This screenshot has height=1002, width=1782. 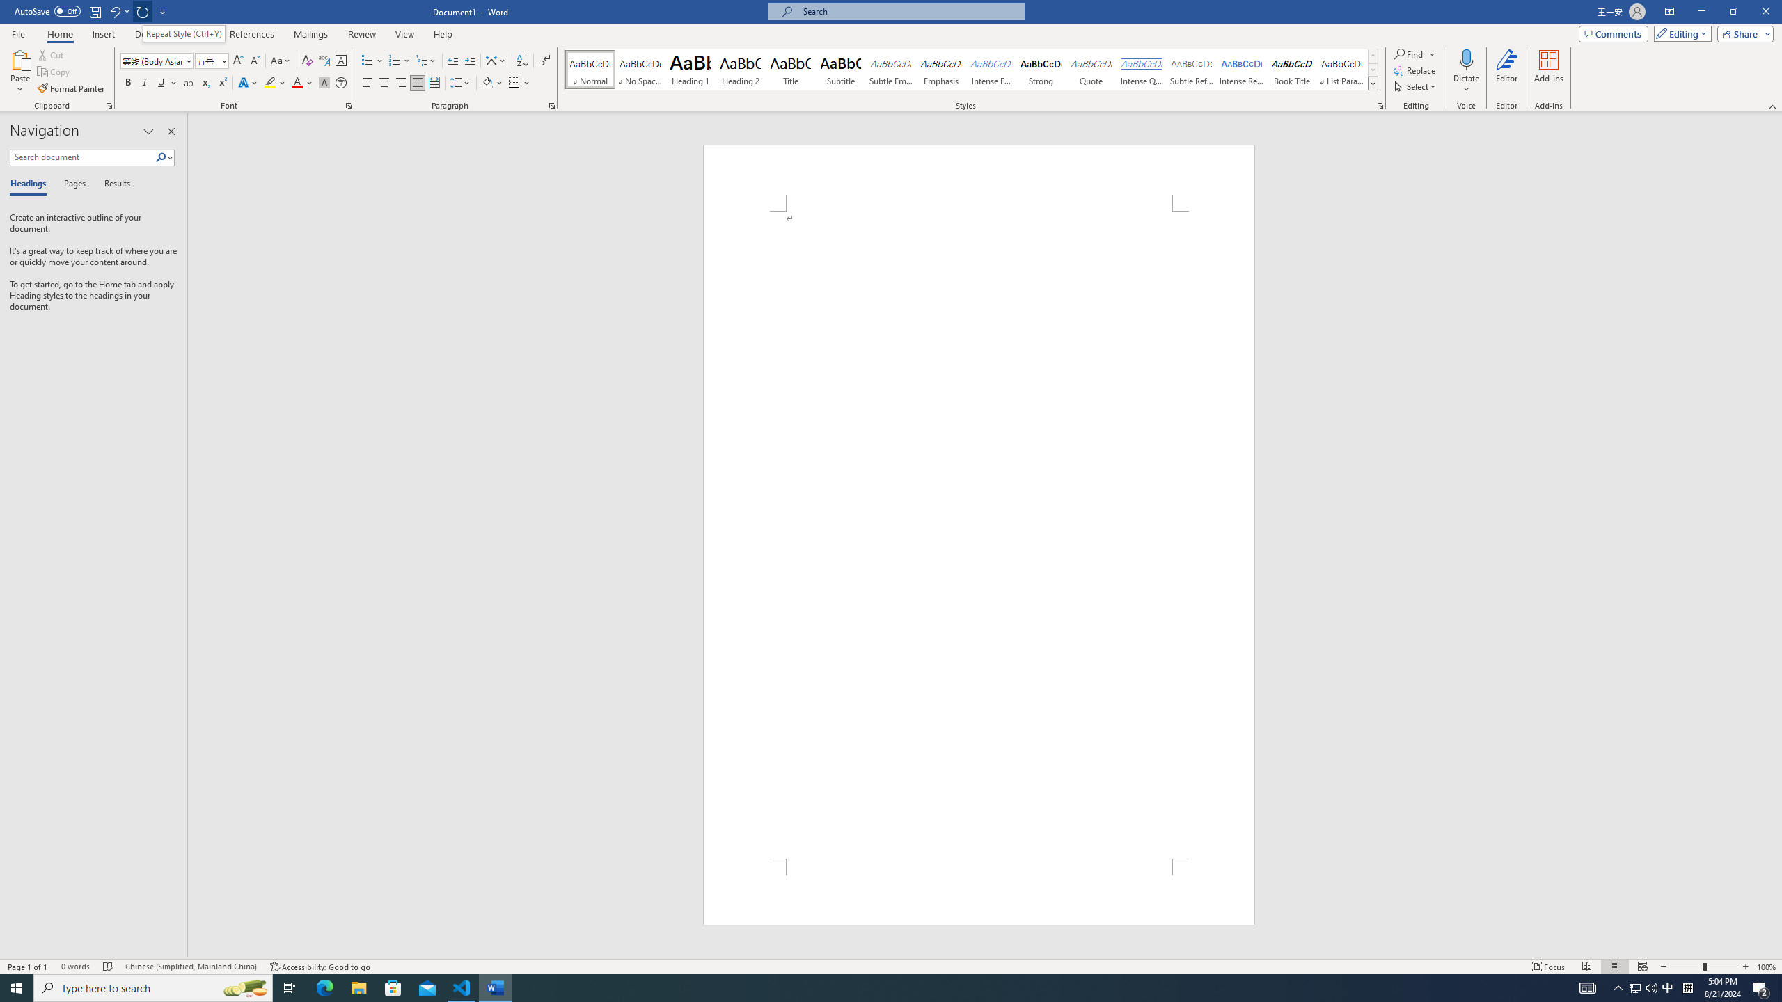 What do you see at coordinates (164, 157) in the screenshot?
I see `'Search'` at bounding box center [164, 157].